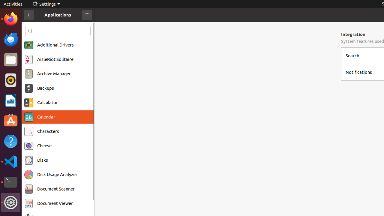 Image resolution: width=384 pixels, height=216 pixels. I want to click on 'Applications', so click(58, 14).